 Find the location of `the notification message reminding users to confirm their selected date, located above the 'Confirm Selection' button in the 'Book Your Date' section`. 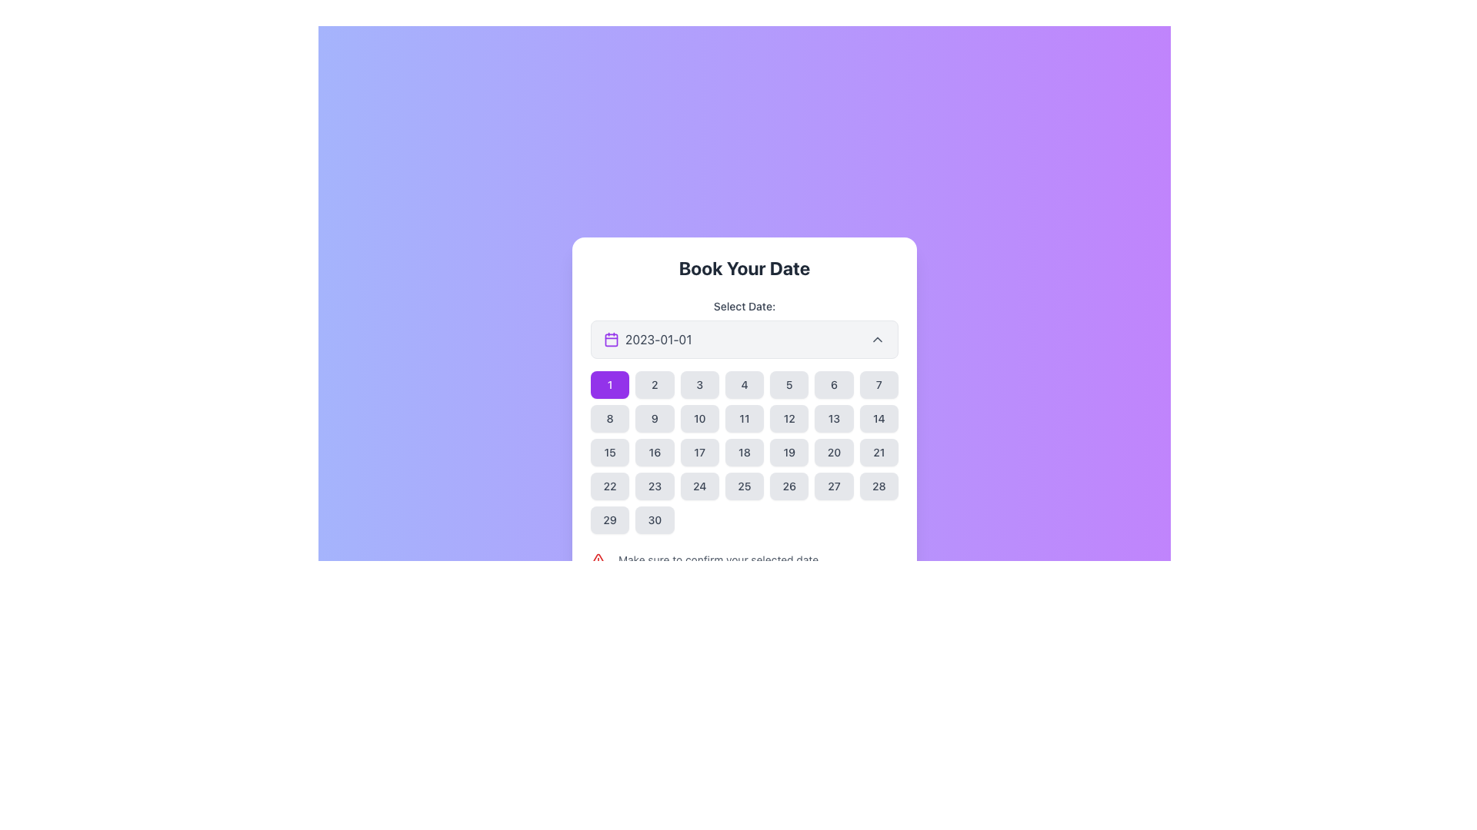

the notification message reminding users to confirm their selected date, located above the 'Confirm Selection' button in the 'Book Your Date' section is located at coordinates (745, 560).